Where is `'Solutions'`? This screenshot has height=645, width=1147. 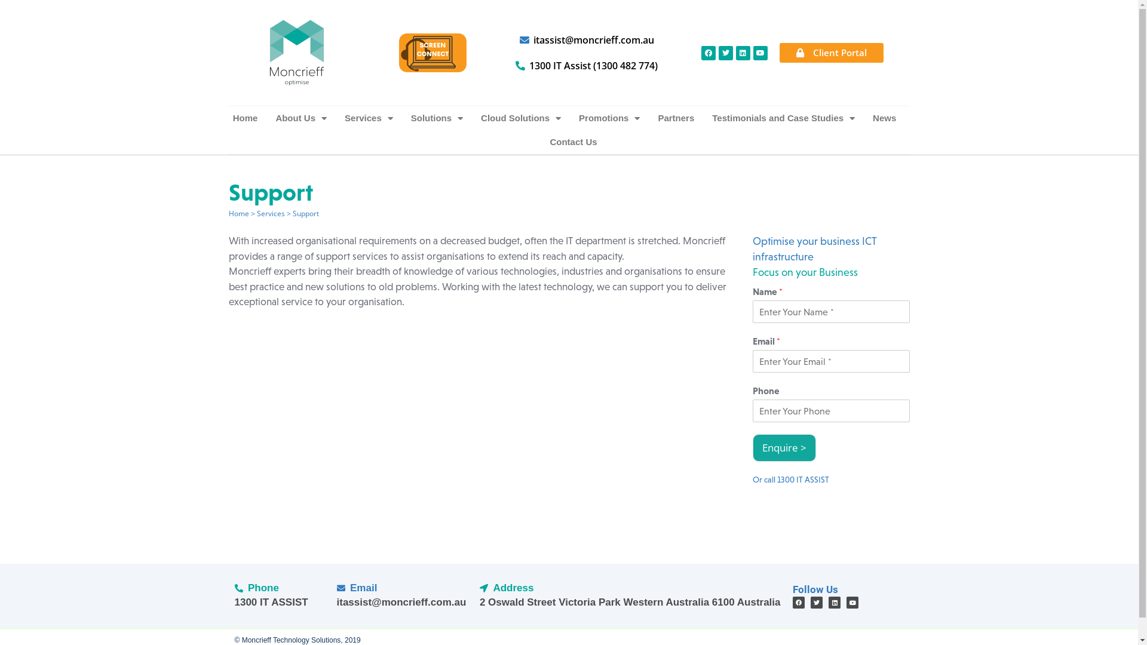
'Solutions' is located at coordinates (436, 118).